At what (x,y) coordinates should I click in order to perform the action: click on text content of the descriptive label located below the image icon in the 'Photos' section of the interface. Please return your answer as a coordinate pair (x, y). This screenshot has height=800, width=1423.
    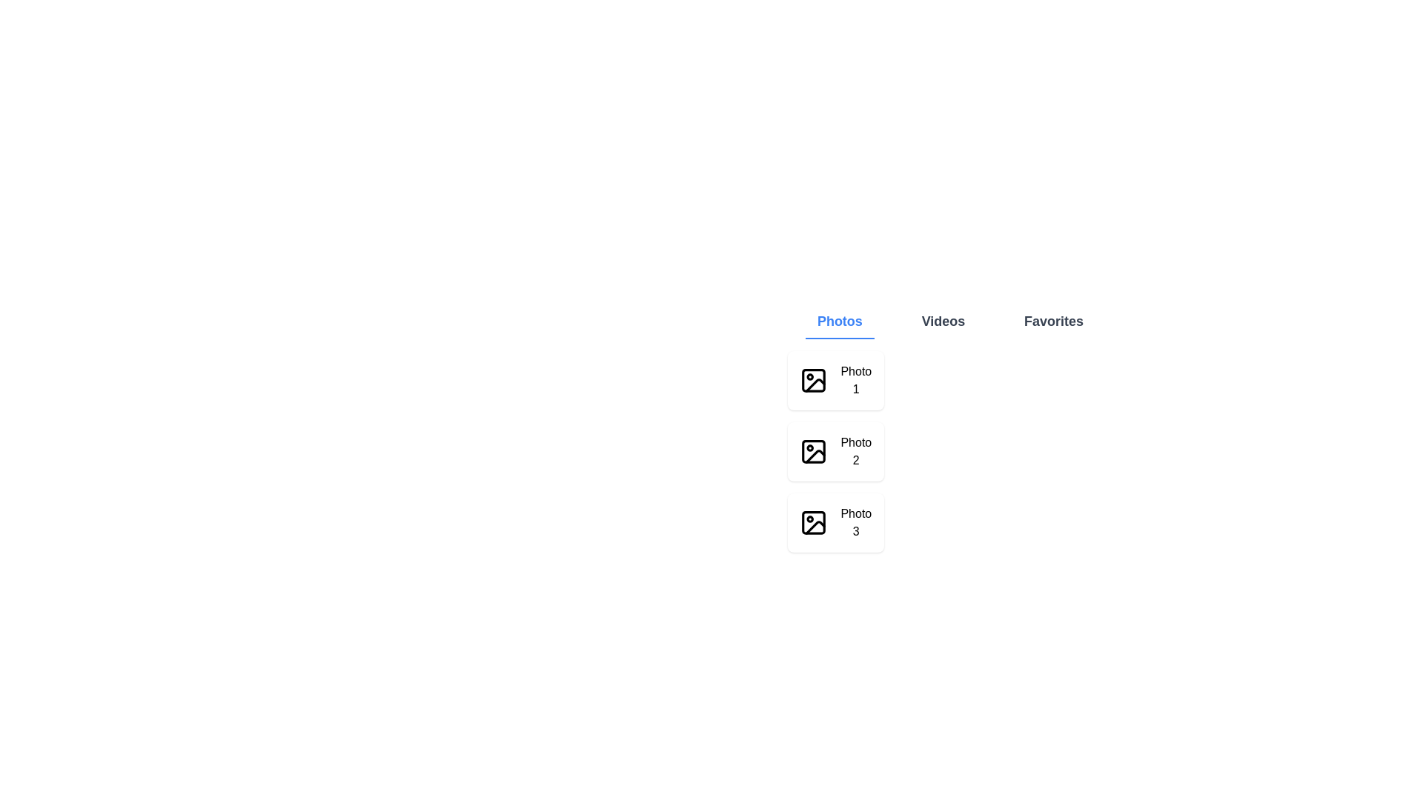
    Looking at the image, I should click on (856, 450).